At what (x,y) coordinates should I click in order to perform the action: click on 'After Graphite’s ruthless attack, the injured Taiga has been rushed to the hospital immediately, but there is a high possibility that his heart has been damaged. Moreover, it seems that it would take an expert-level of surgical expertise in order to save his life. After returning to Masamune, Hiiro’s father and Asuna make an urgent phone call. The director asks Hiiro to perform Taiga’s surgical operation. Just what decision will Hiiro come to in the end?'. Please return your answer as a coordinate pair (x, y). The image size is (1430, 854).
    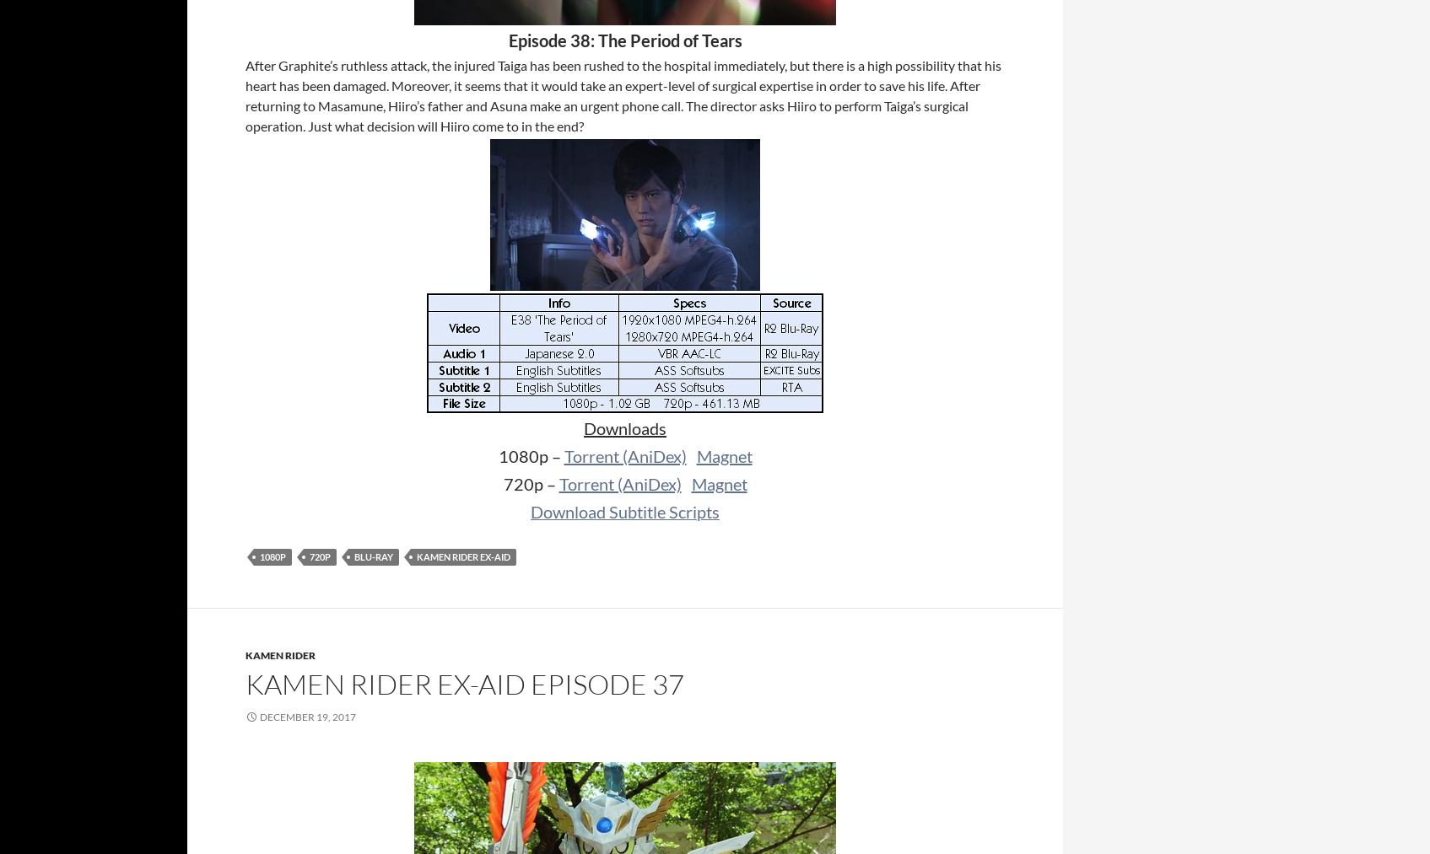
    Looking at the image, I should click on (623, 95).